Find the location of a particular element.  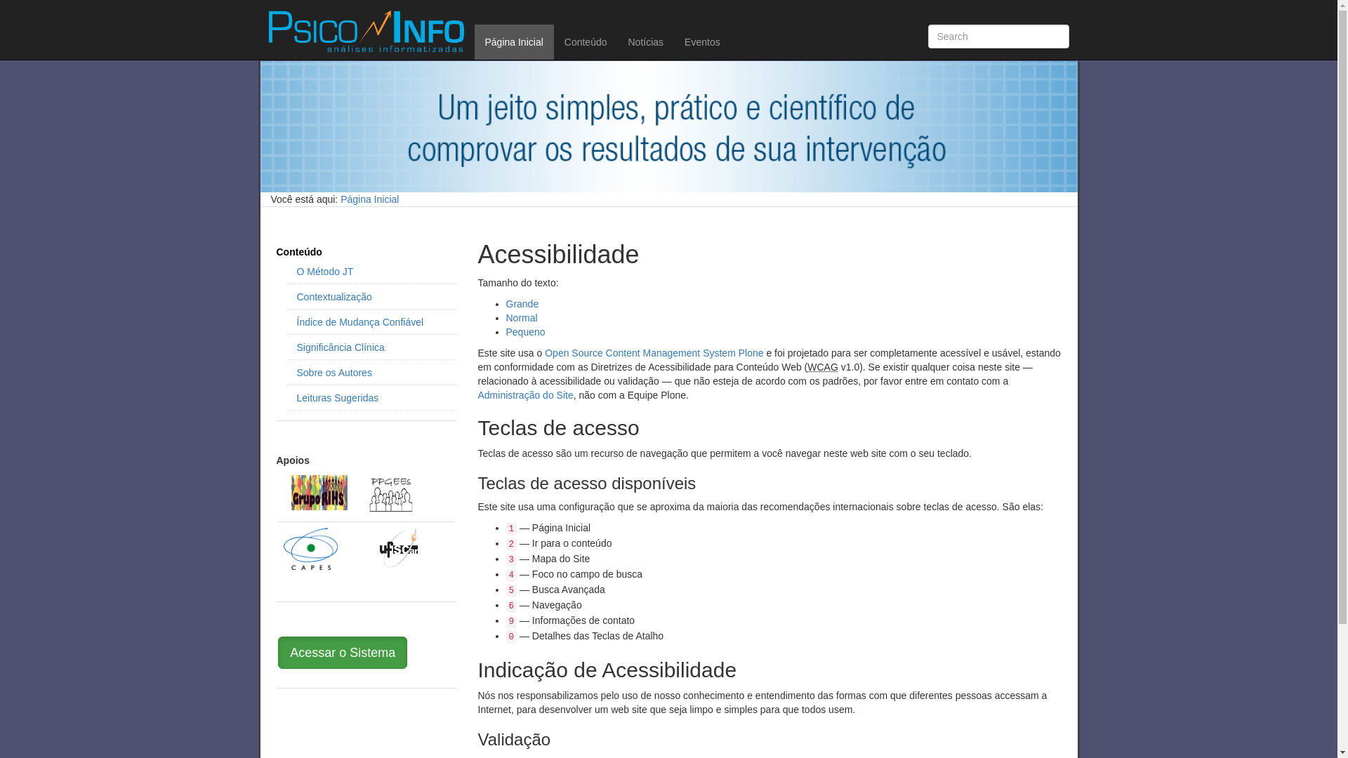

'Normal' is located at coordinates (520, 317).